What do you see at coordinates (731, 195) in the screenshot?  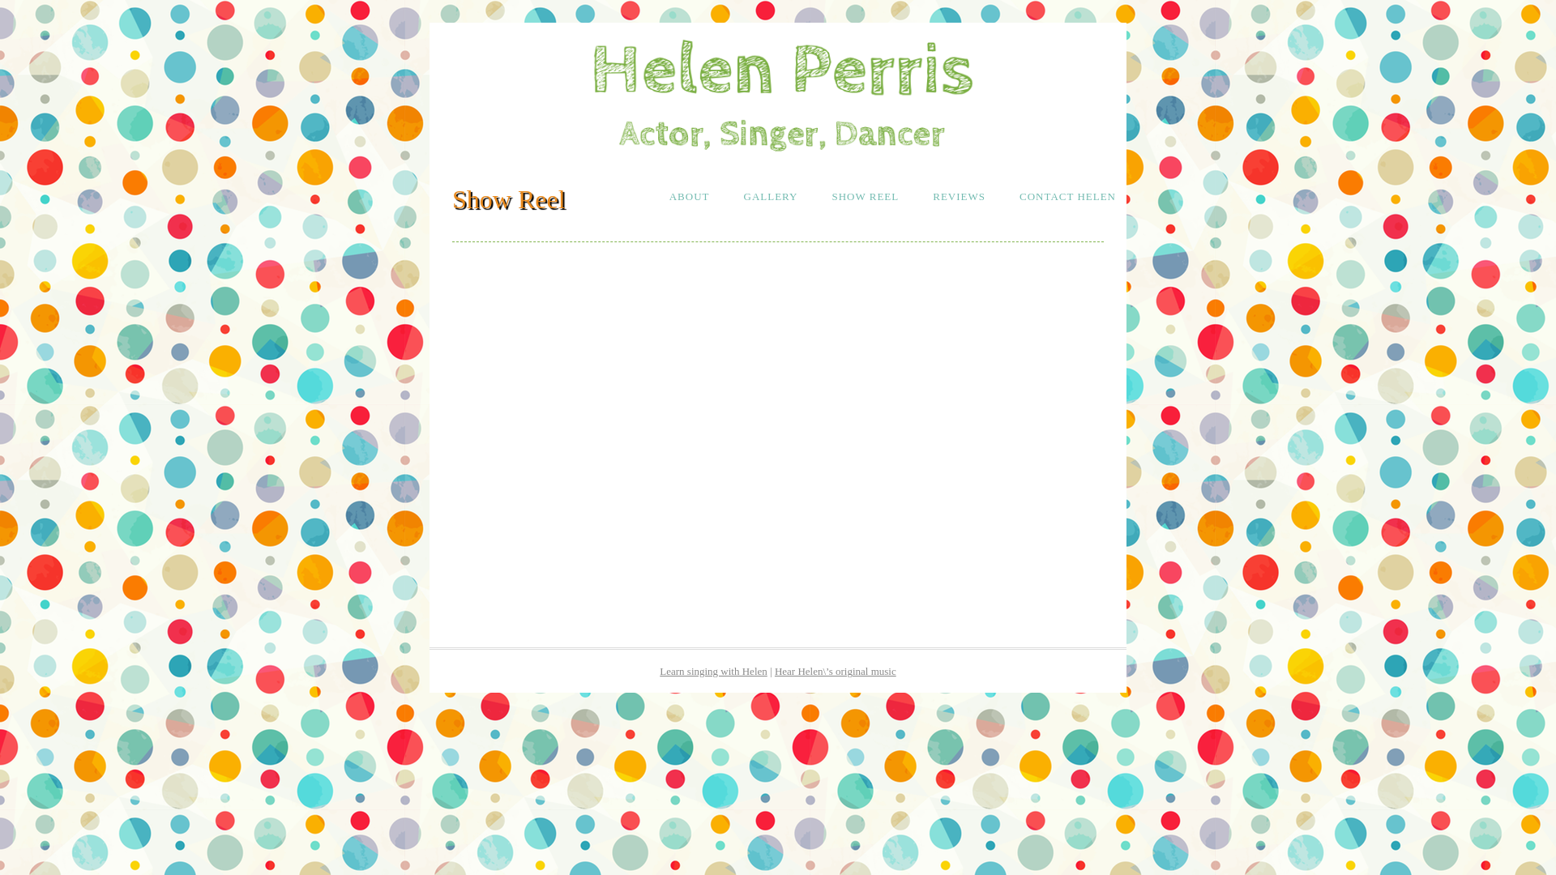 I see `'GALLERY'` at bounding box center [731, 195].